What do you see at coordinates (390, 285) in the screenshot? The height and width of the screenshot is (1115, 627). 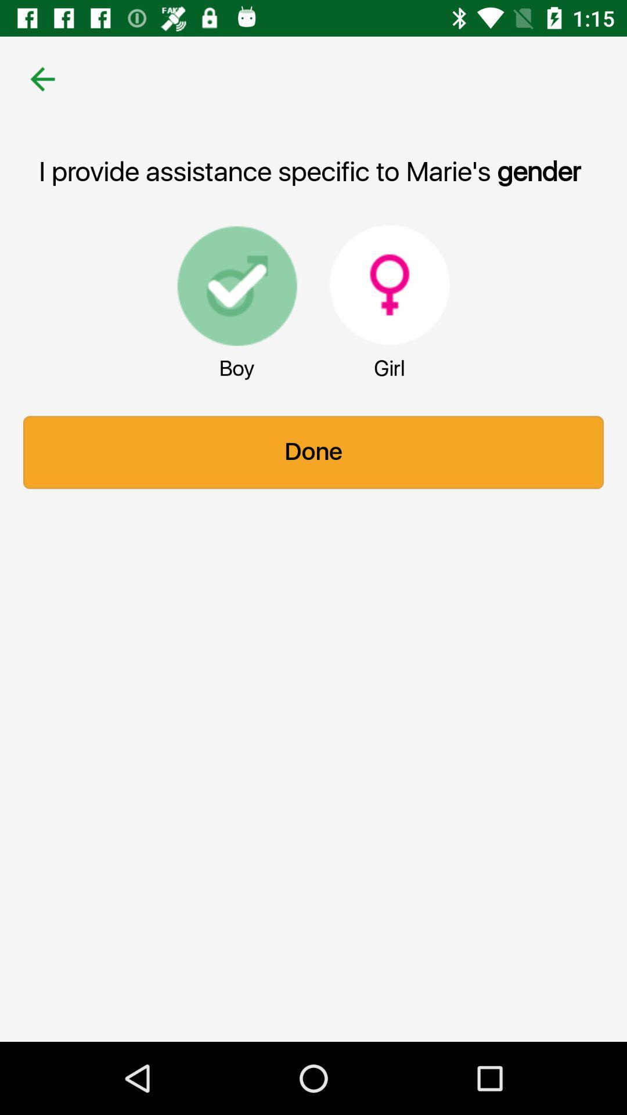 I see `choose the girl option` at bounding box center [390, 285].